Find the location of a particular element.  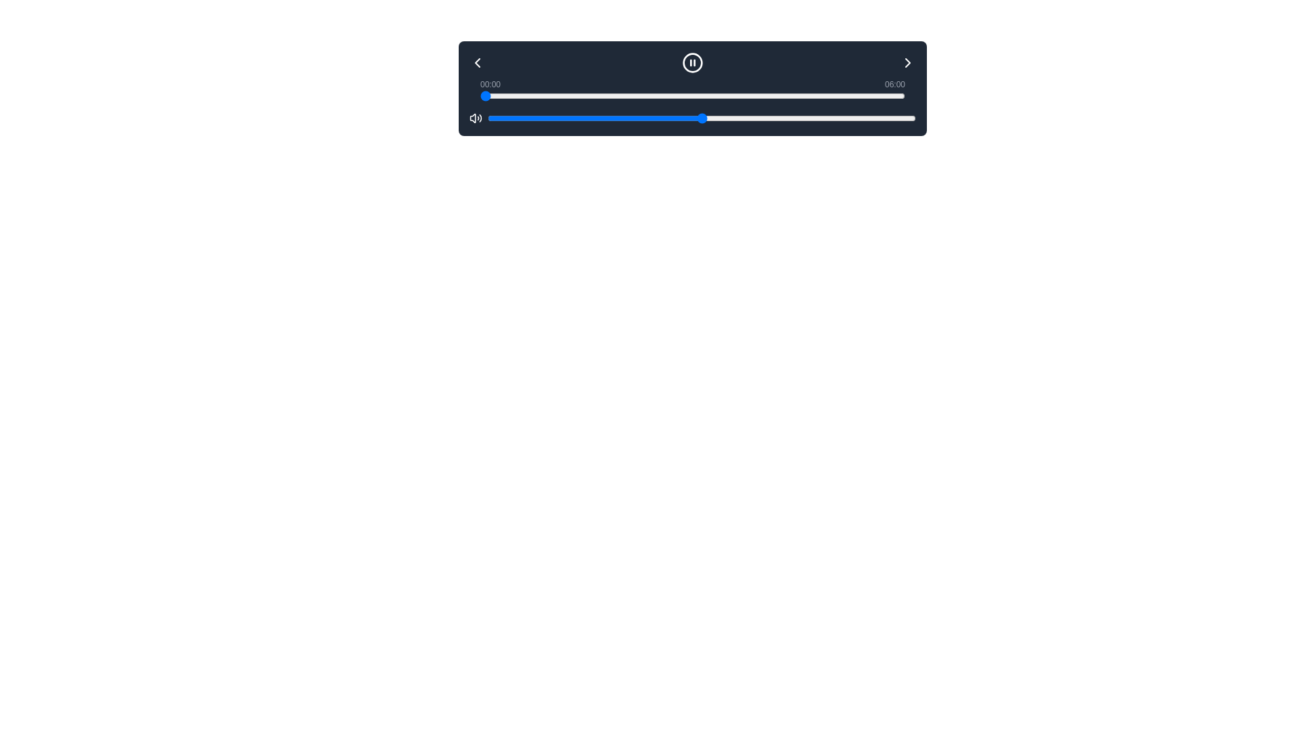

the slider is located at coordinates (569, 117).